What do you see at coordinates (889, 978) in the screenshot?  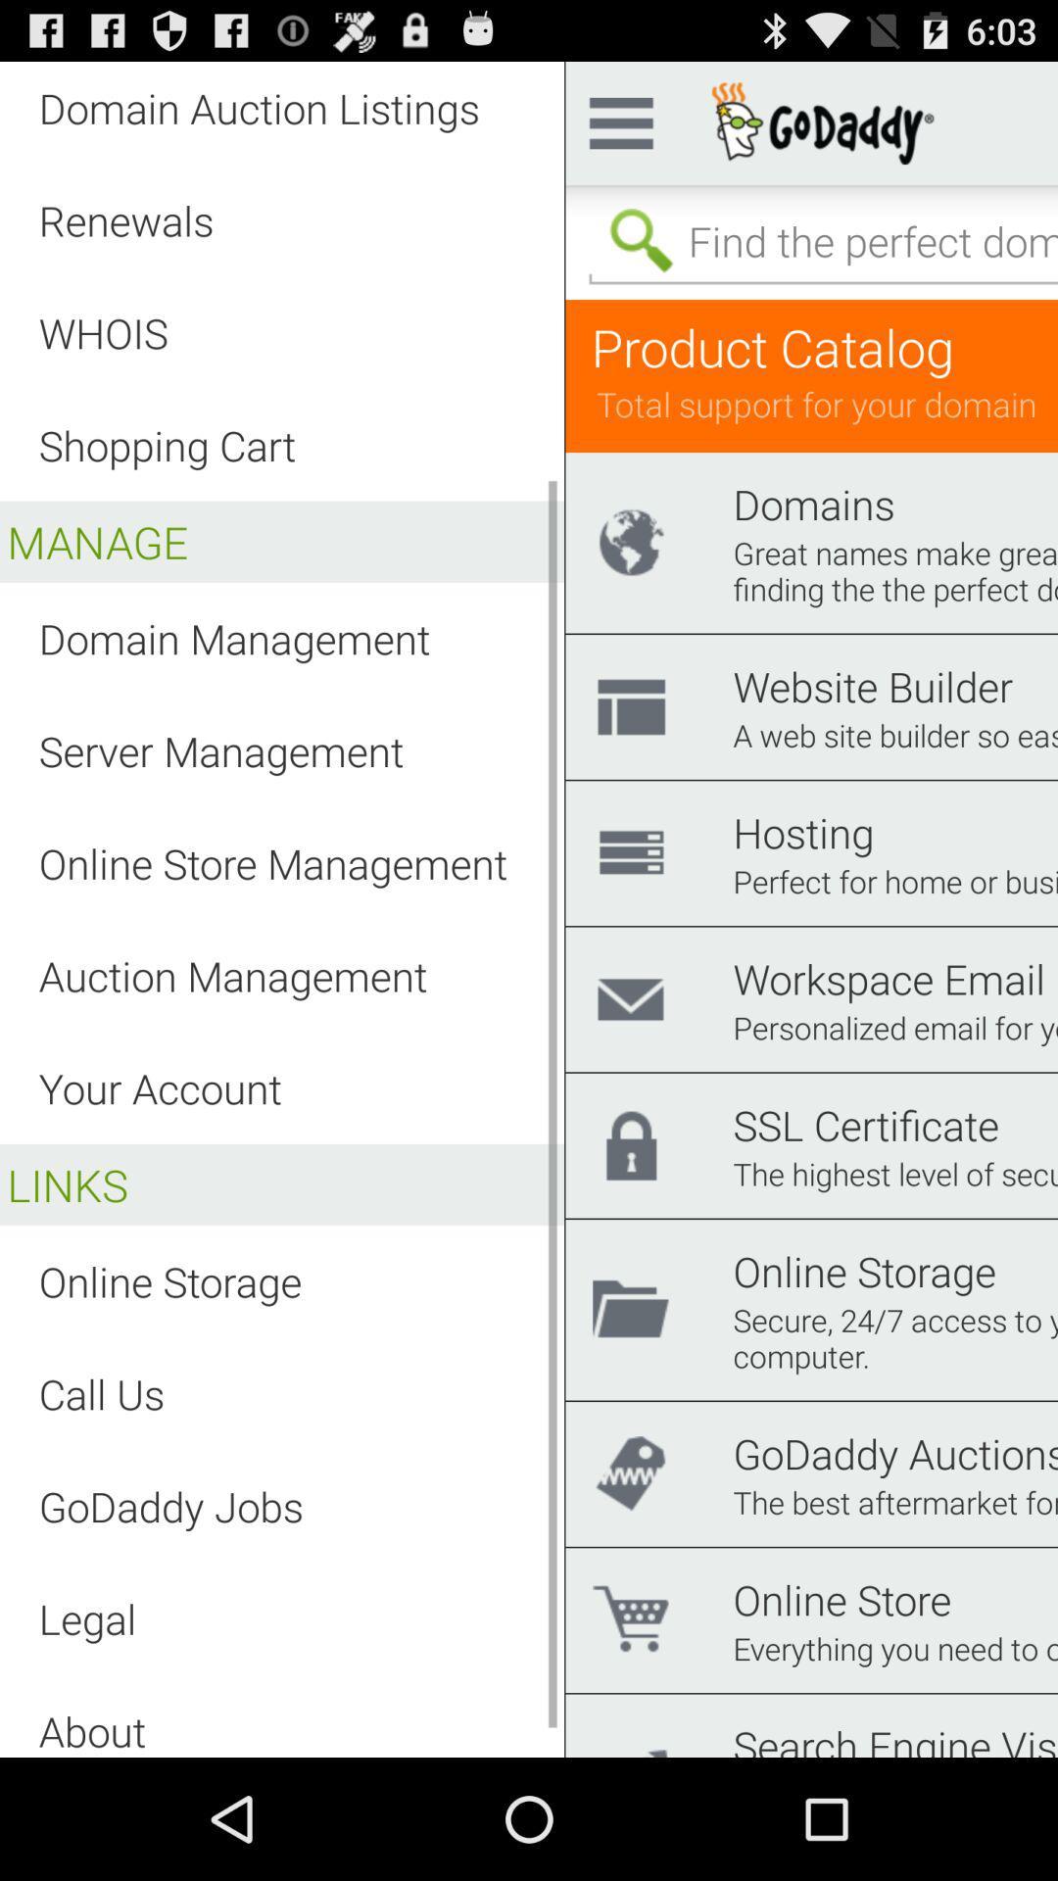 I see `workspace email app` at bounding box center [889, 978].